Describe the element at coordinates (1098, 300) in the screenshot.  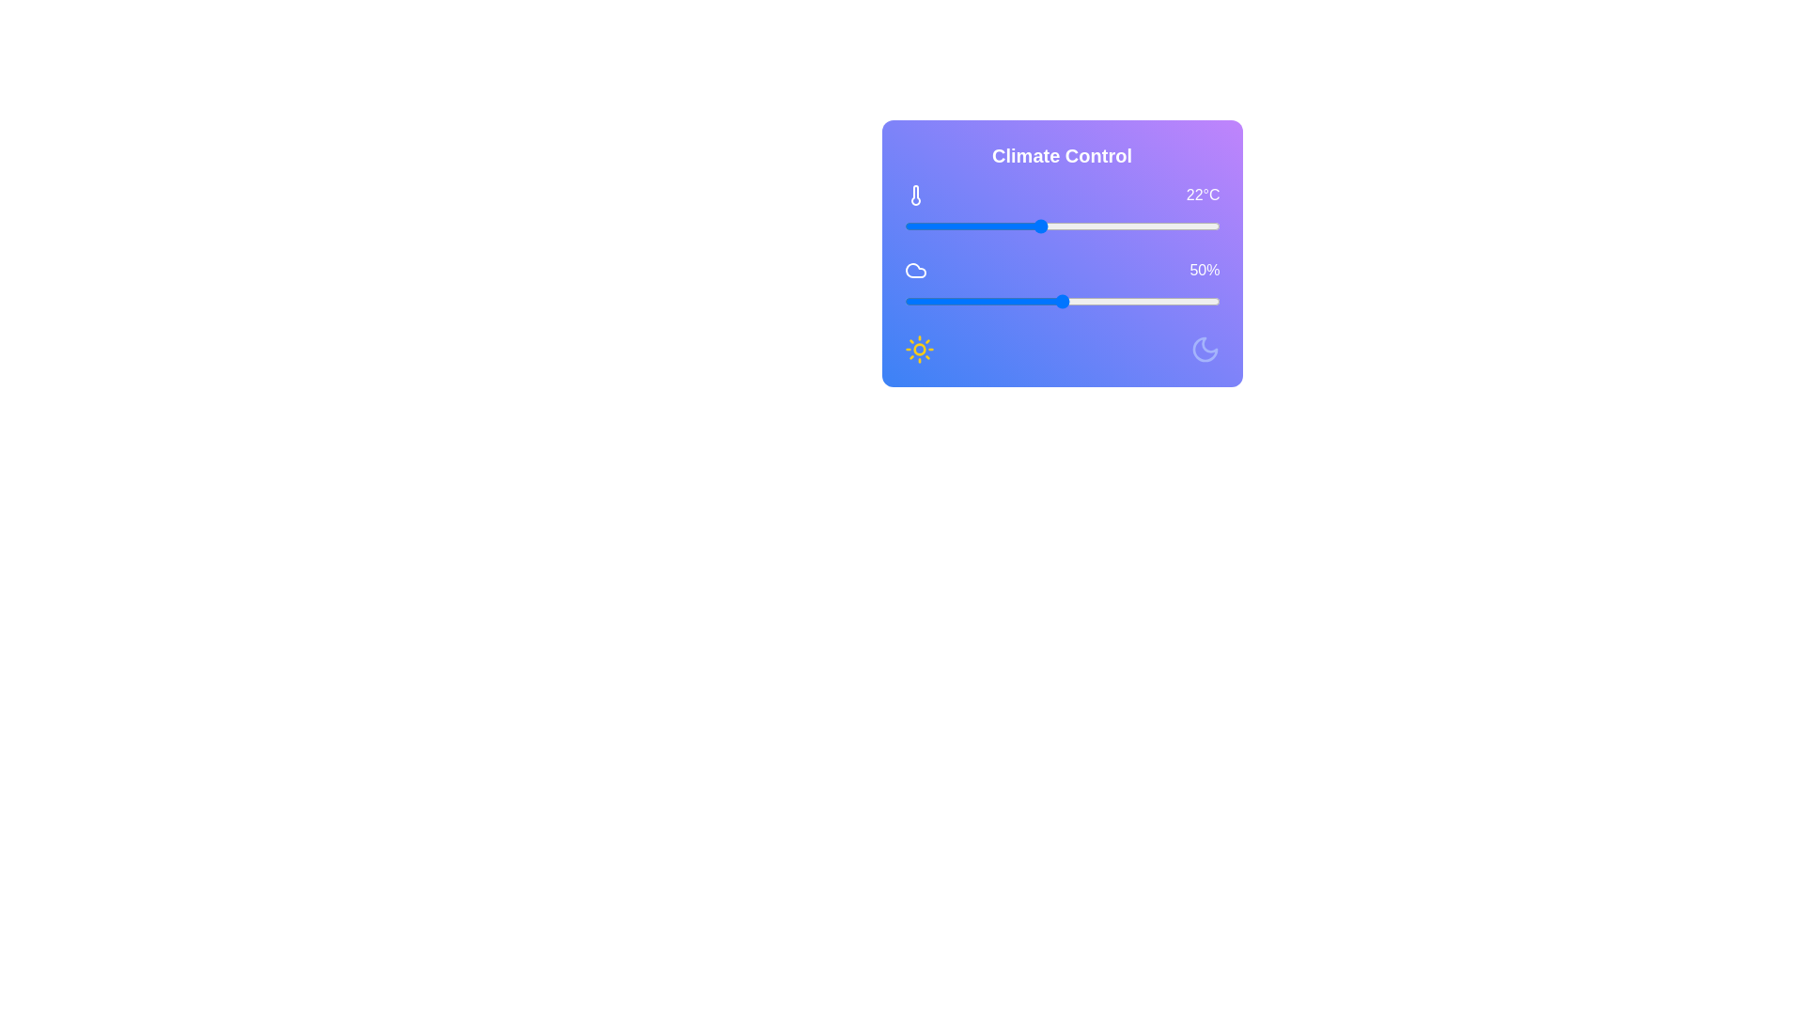
I see `the slider value` at that location.